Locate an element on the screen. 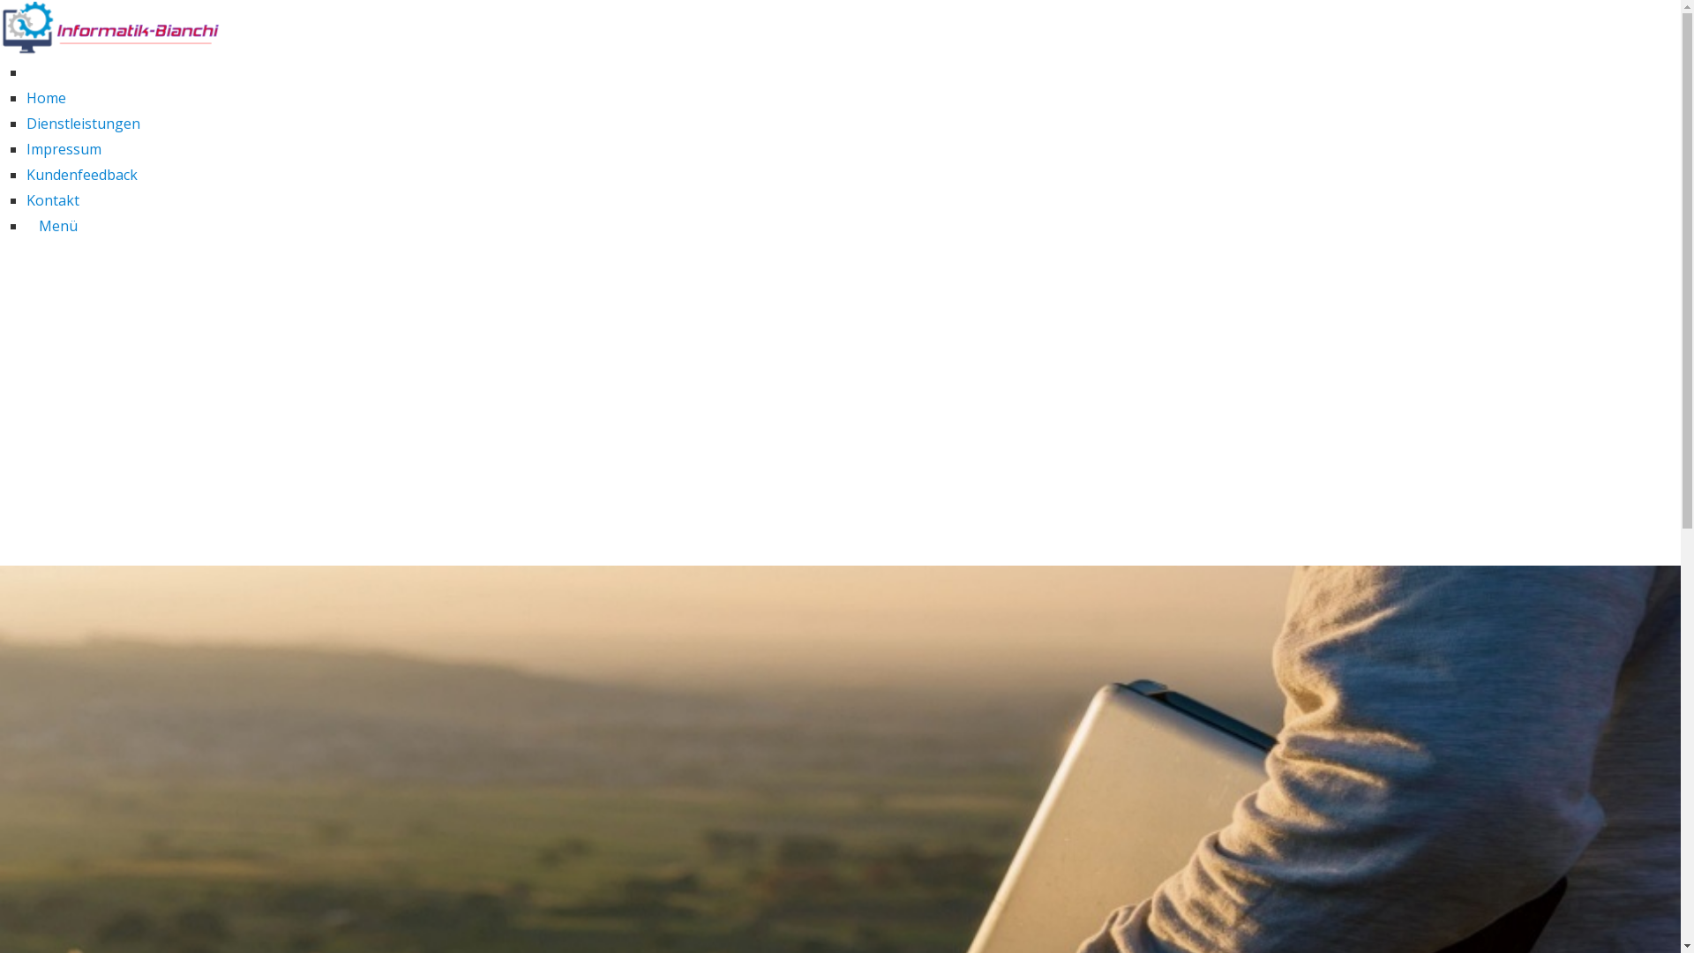 This screenshot has width=1694, height=953. 'Impressum' is located at coordinates (64, 148).